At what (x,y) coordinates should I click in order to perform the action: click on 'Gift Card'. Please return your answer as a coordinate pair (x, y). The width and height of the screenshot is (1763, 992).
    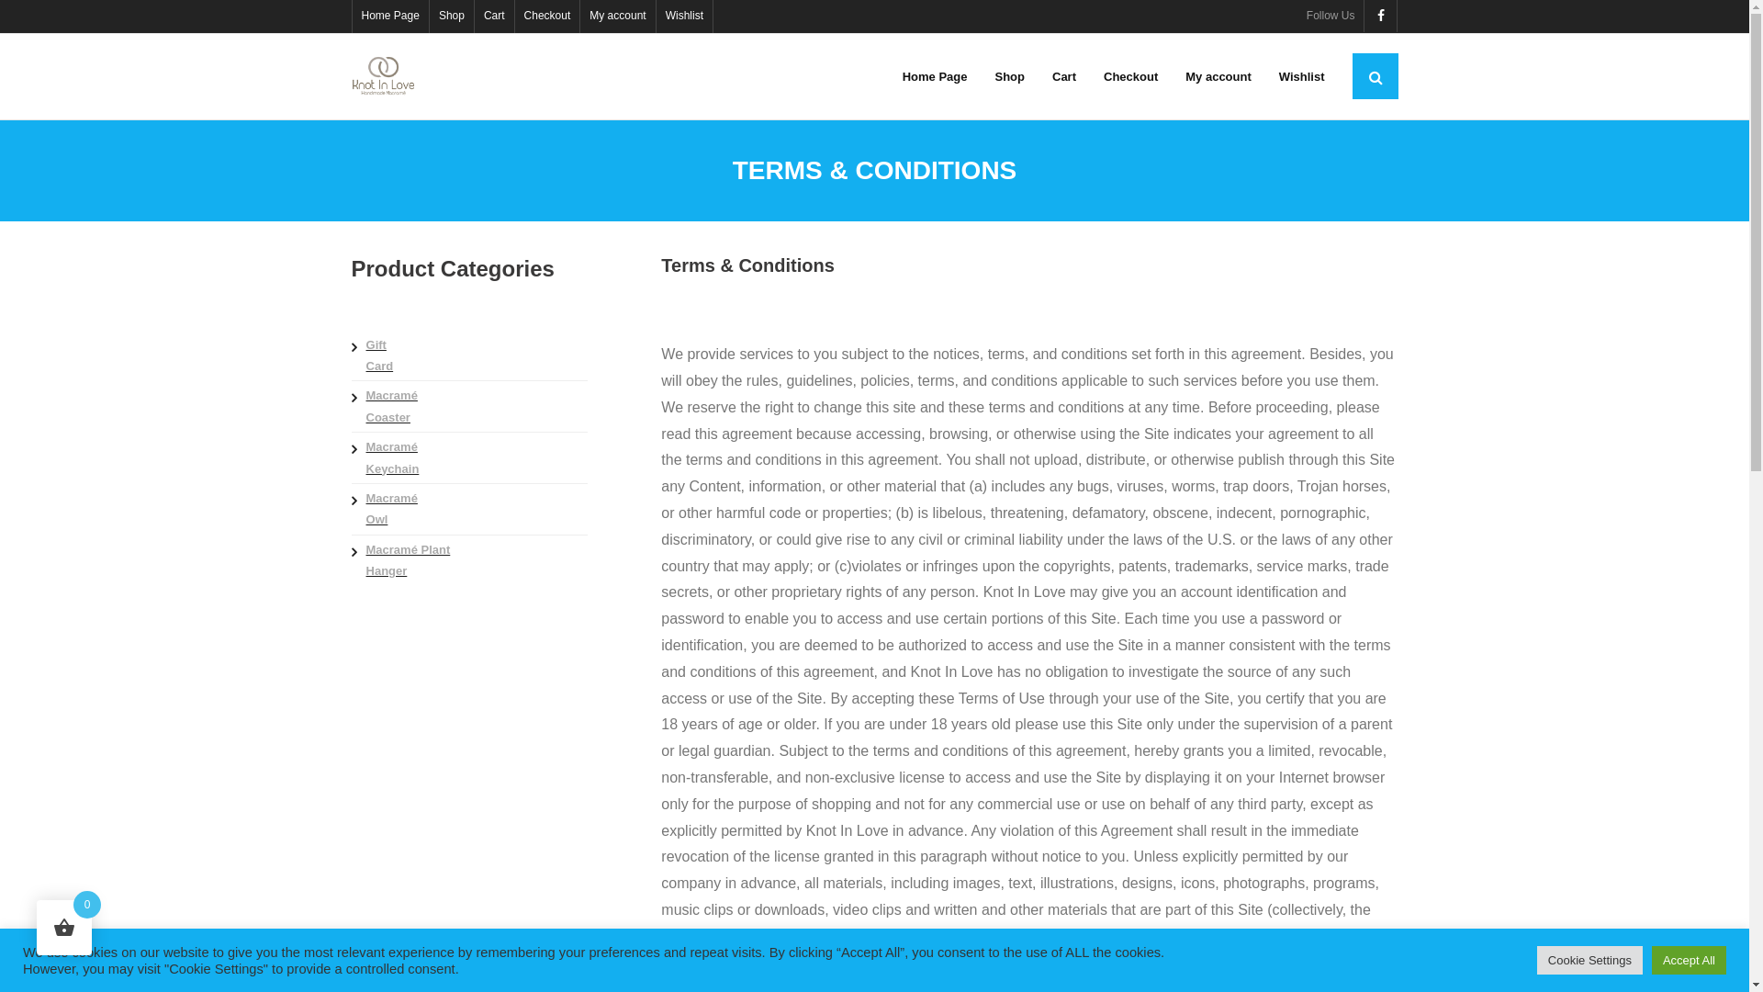
    Looking at the image, I should click on (376, 355).